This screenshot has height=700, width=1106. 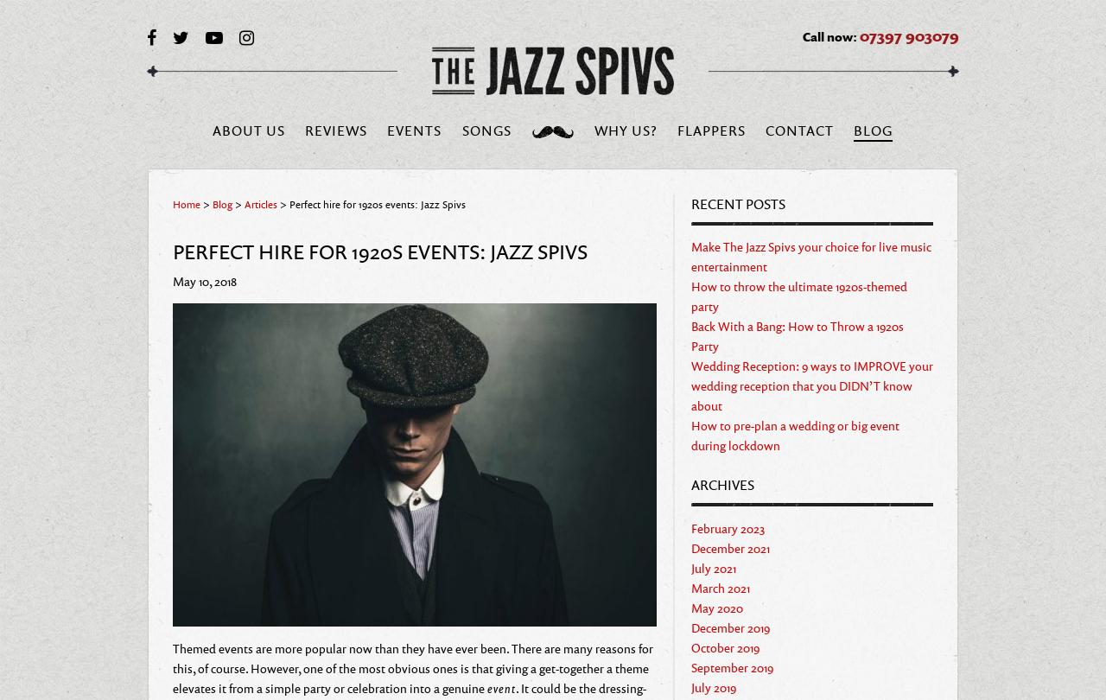 I want to click on 'Home', so click(x=187, y=203).